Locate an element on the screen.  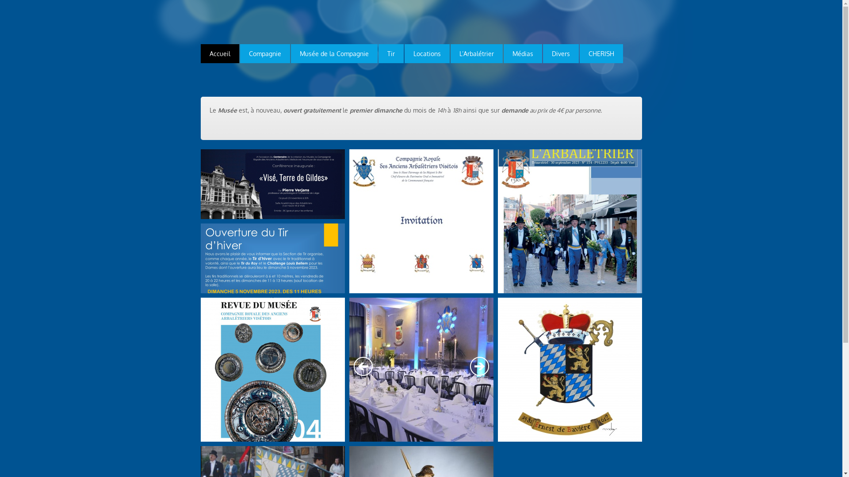
'Tir' is located at coordinates (390, 53).